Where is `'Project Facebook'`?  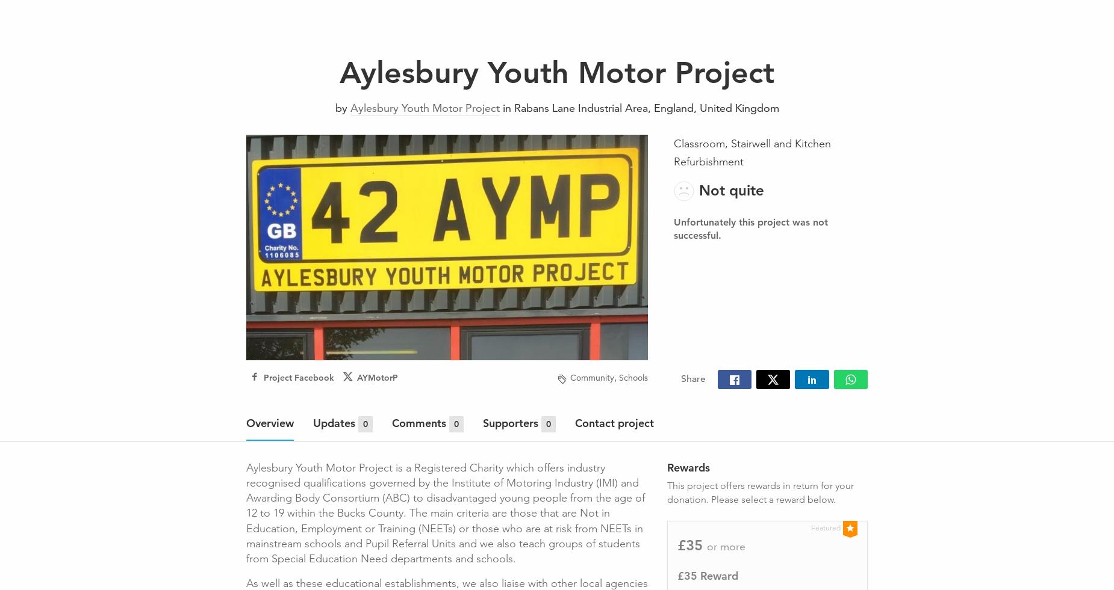
'Project Facebook' is located at coordinates (299, 376).